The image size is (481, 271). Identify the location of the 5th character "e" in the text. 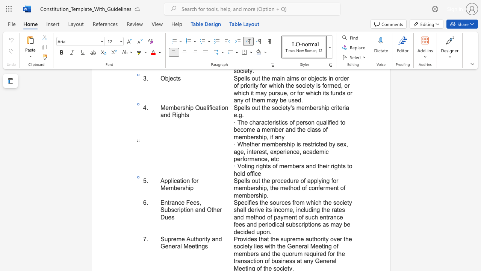
(240, 187).